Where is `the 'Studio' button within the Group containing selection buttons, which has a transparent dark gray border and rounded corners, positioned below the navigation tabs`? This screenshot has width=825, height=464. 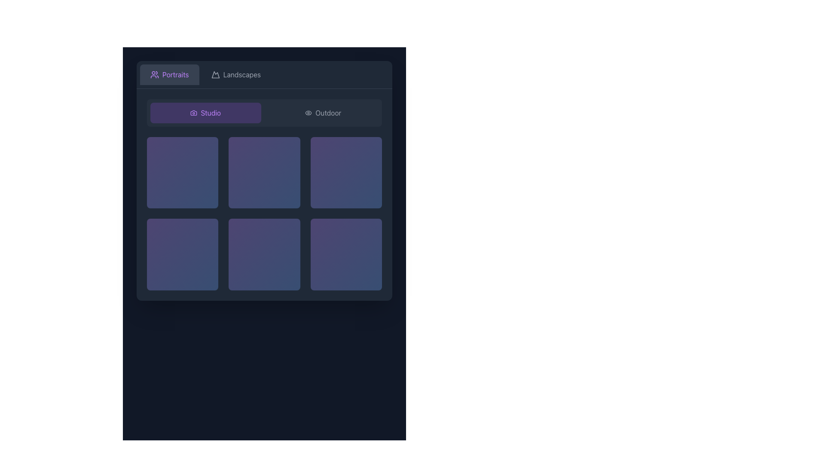 the 'Studio' button within the Group containing selection buttons, which has a transparent dark gray border and rounded corners, positioned below the navigation tabs is located at coordinates (264, 112).